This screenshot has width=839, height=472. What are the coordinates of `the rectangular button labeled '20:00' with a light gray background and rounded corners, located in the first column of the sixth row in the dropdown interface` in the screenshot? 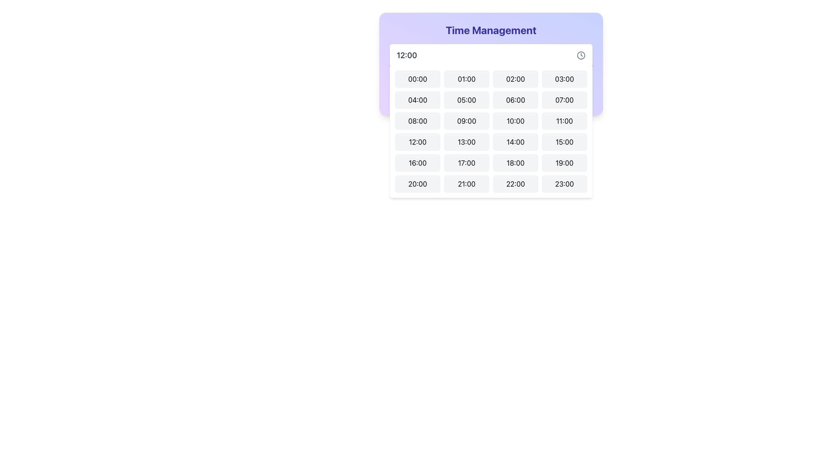 It's located at (417, 183).